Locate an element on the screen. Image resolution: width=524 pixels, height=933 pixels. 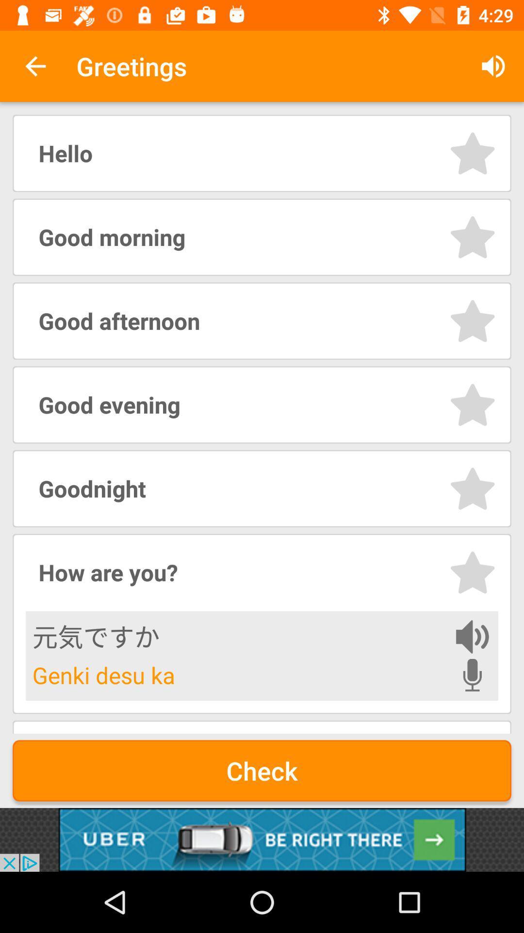
like item is located at coordinates (472, 153).